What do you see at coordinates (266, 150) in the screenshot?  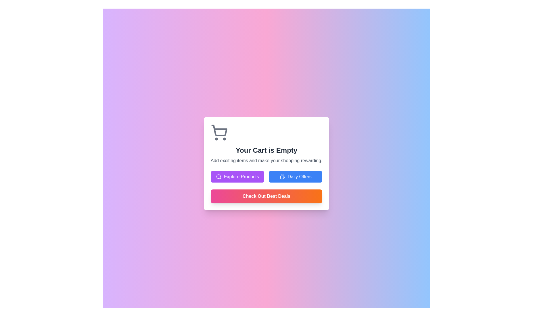 I see `the text label indicating that the shopping cart is empty, which is centrally positioned below the shopping cart icon and above the subtitle and action buttons` at bounding box center [266, 150].